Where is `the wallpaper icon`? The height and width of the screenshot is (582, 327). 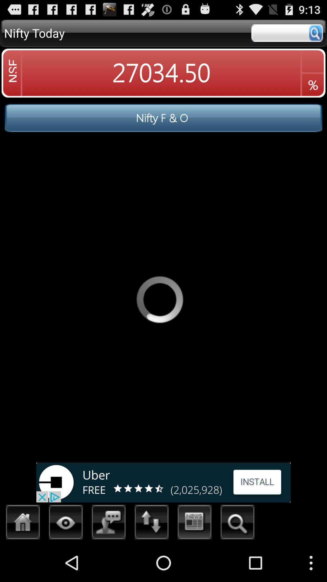 the wallpaper icon is located at coordinates (108, 560).